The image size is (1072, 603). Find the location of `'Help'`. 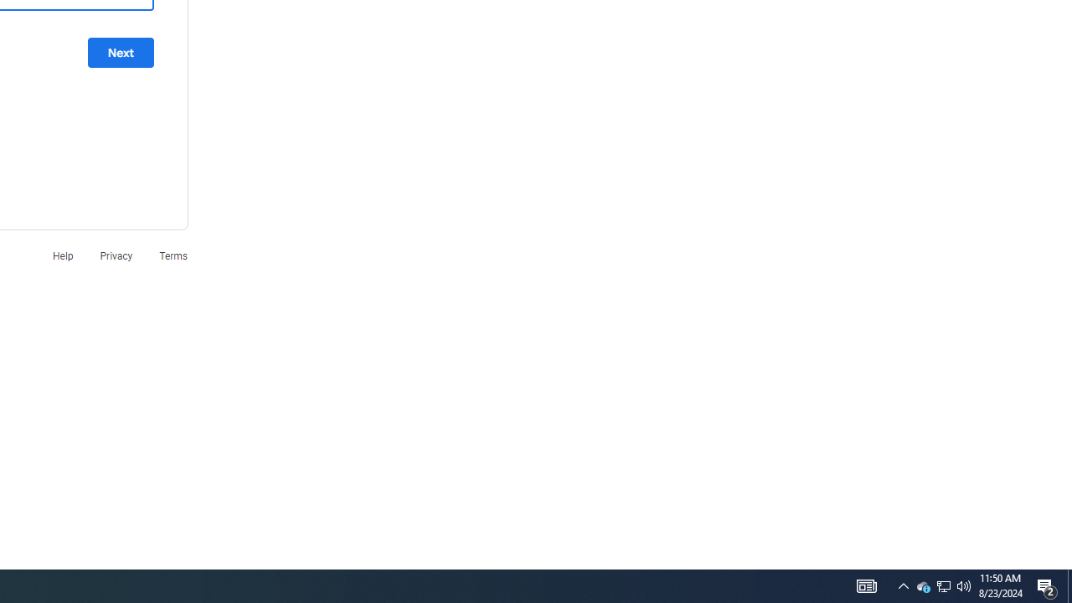

'Help' is located at coordinates (62, 255).